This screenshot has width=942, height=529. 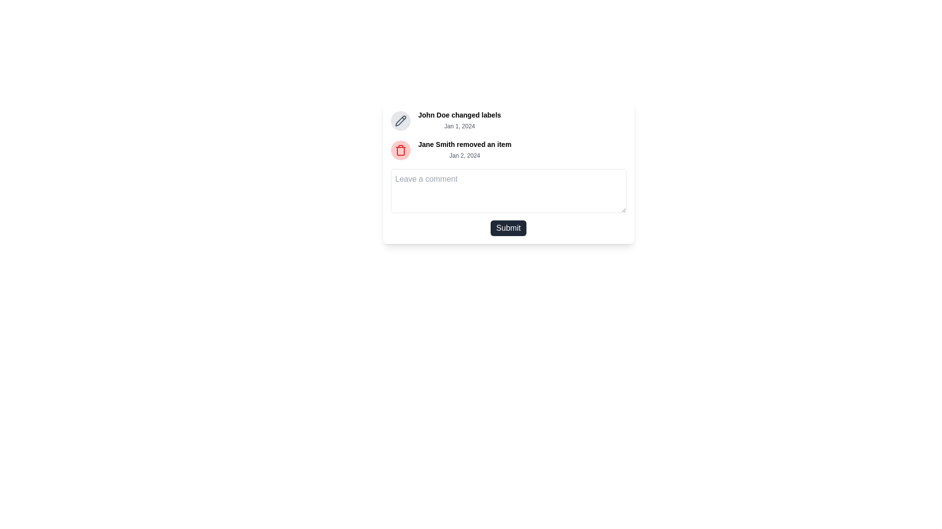 What do you see at coordinates (400, 151) in the screenshot?
I see `the vertical body segment of the trash can icon located next to 'Jane Smith removed an item' text in the second status item` at bounding box center [400, 151].